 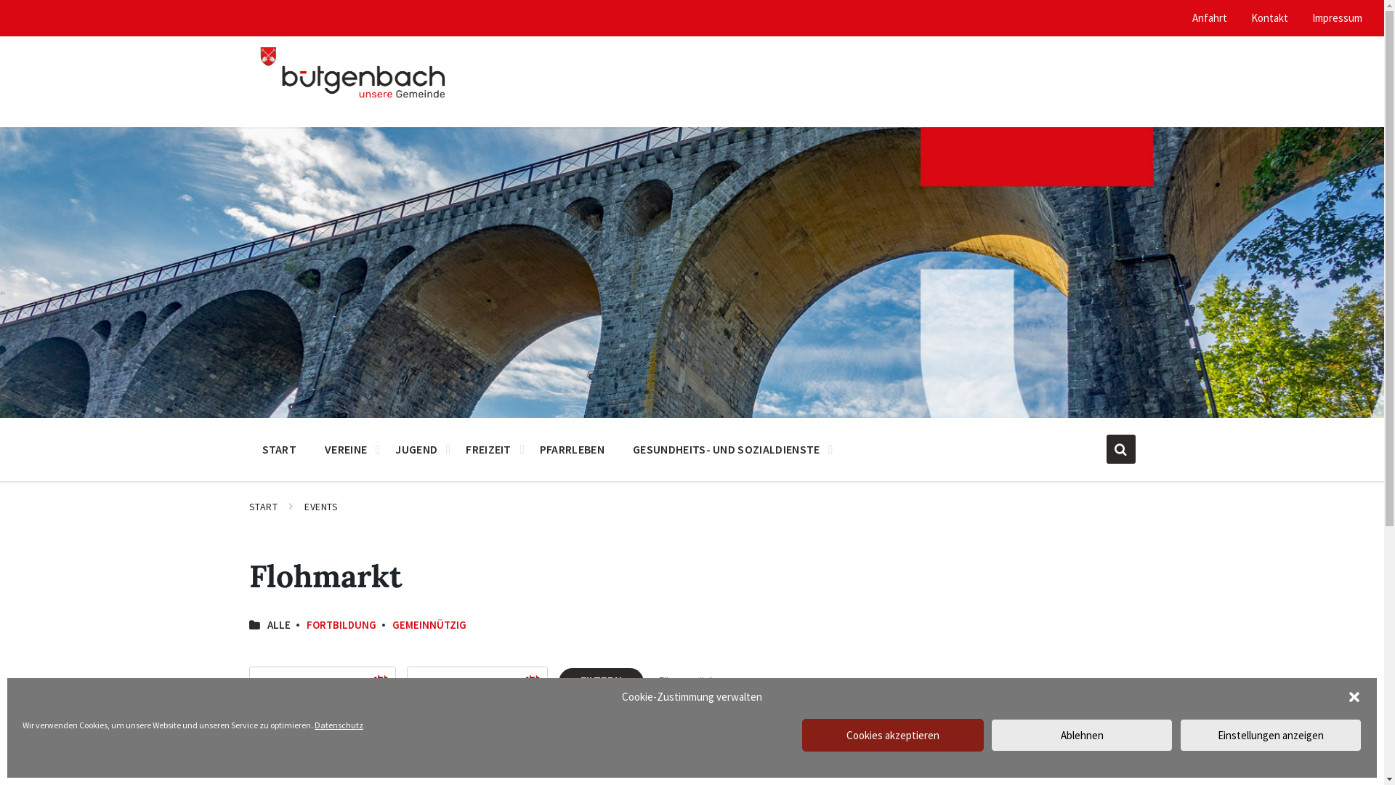 I want to click on 'Impressum', so click(x=1311, y=17).